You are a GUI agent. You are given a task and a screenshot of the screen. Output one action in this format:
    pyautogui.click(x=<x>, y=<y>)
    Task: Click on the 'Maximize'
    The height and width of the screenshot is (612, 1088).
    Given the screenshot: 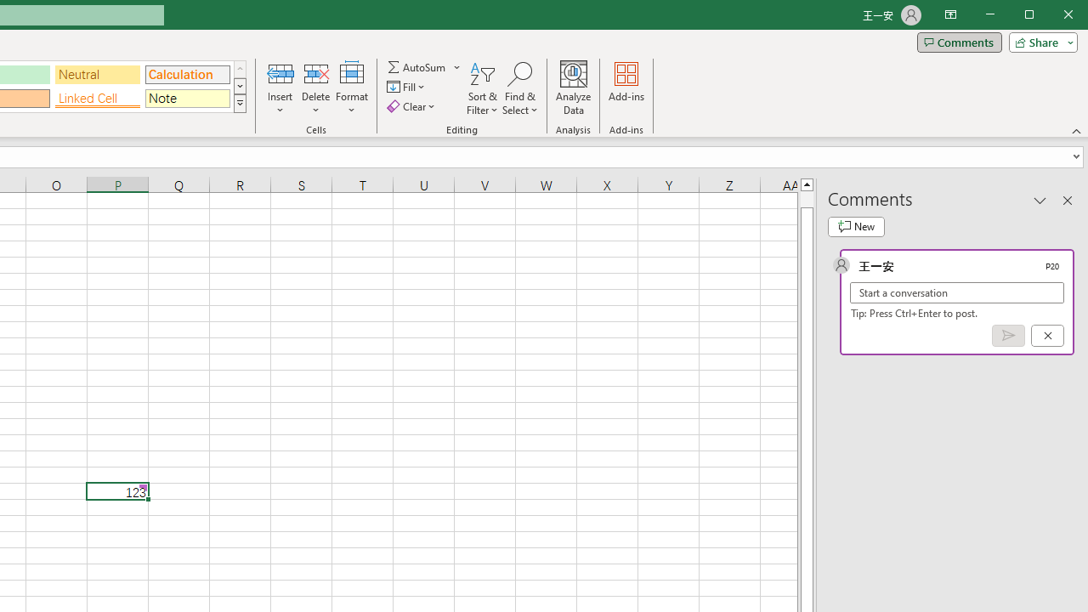 What is the action you would take?
    pyautogui.click(x=1052, y=16)
    